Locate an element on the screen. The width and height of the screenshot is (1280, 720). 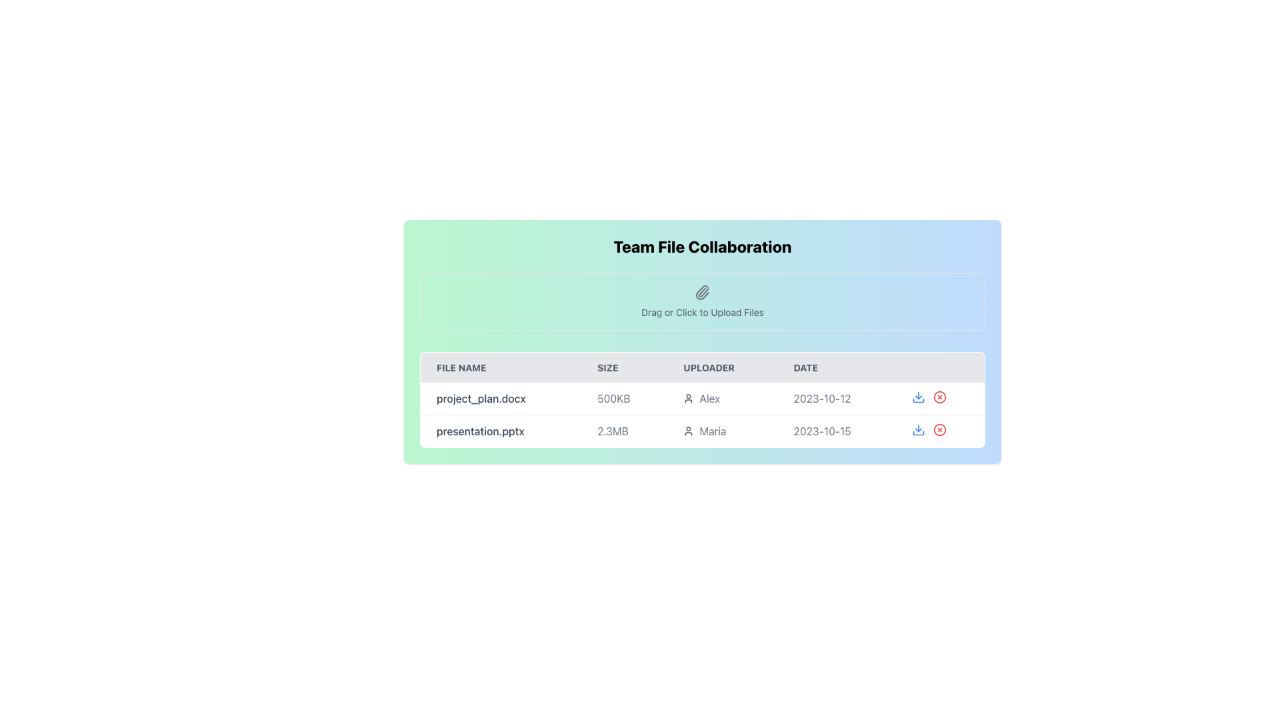
details of the first row in the table displaying metadata for the file 'project_plan.docx', which includes its name, size, uploader, and date is located at coordinates (702, 397).